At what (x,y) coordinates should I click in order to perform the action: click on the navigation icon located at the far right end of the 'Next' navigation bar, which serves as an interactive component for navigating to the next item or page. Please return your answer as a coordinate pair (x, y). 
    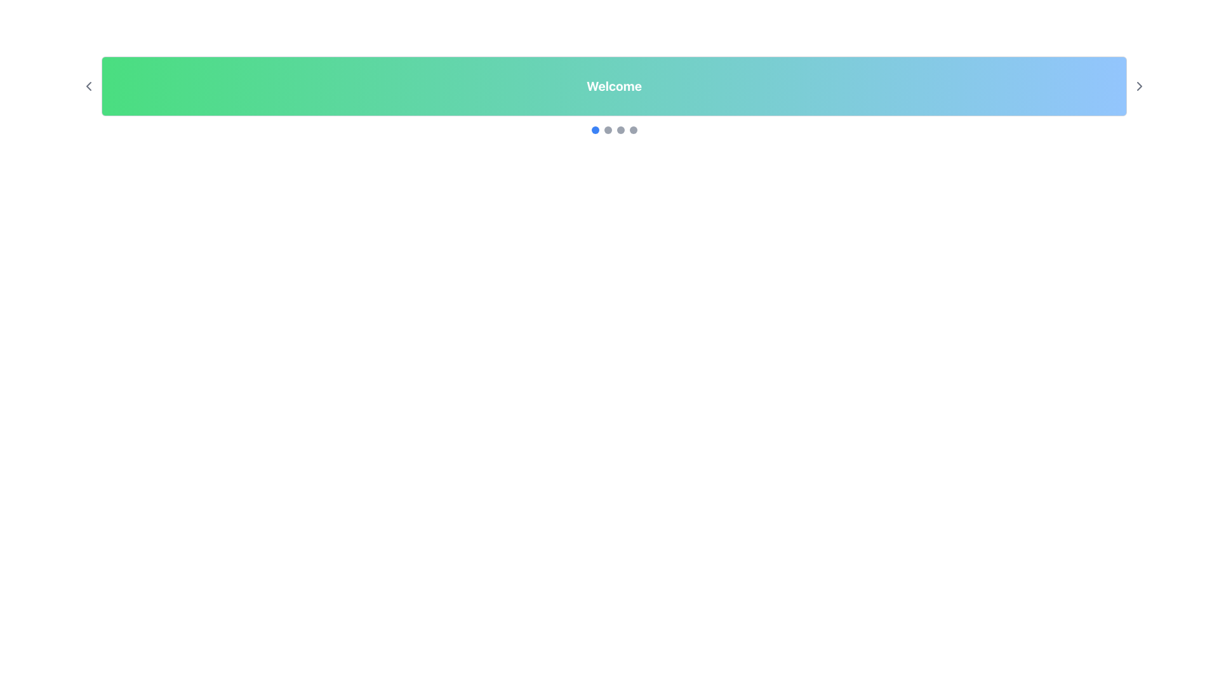
    Looking at the image, I should click on (1140, 86).